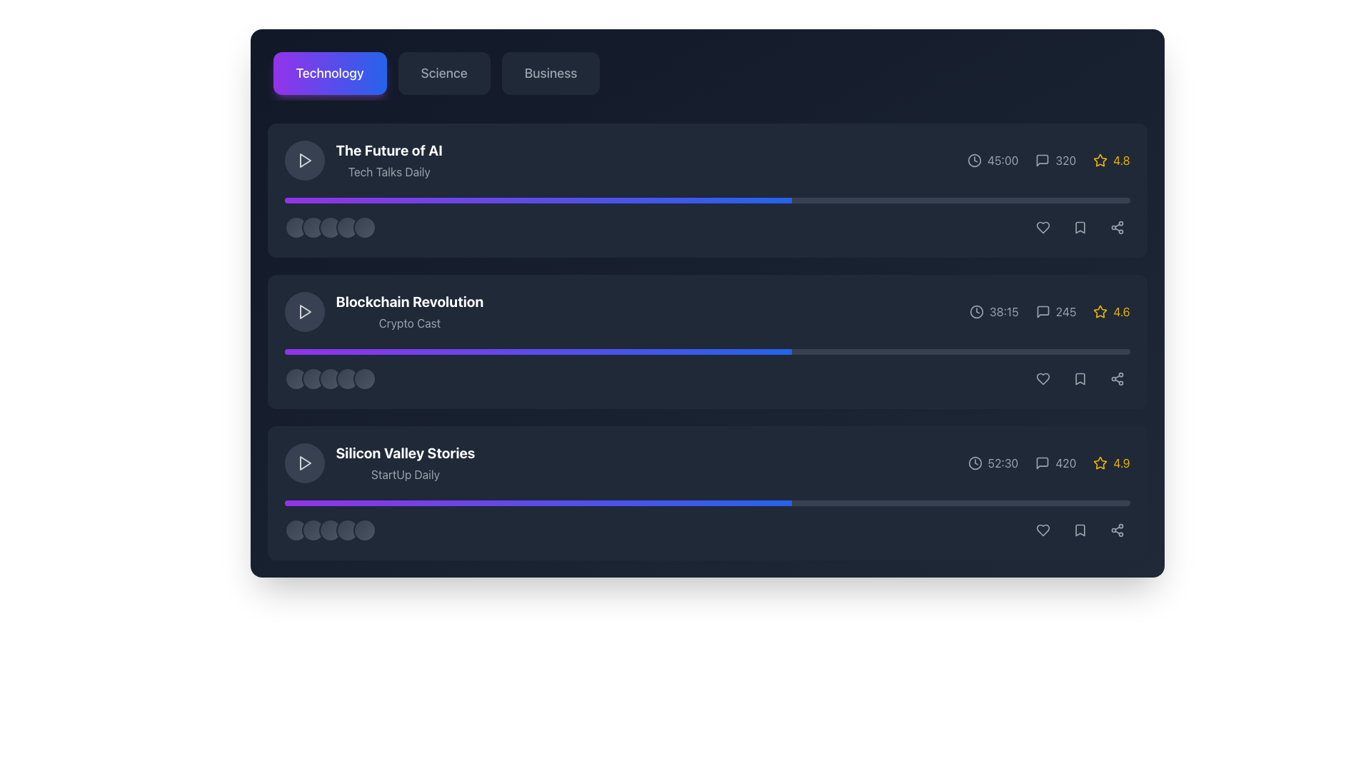 The image size is (1371, 771). Describe the element at coordinates (654, 352) in the screenshot. I see `progress` at that location.